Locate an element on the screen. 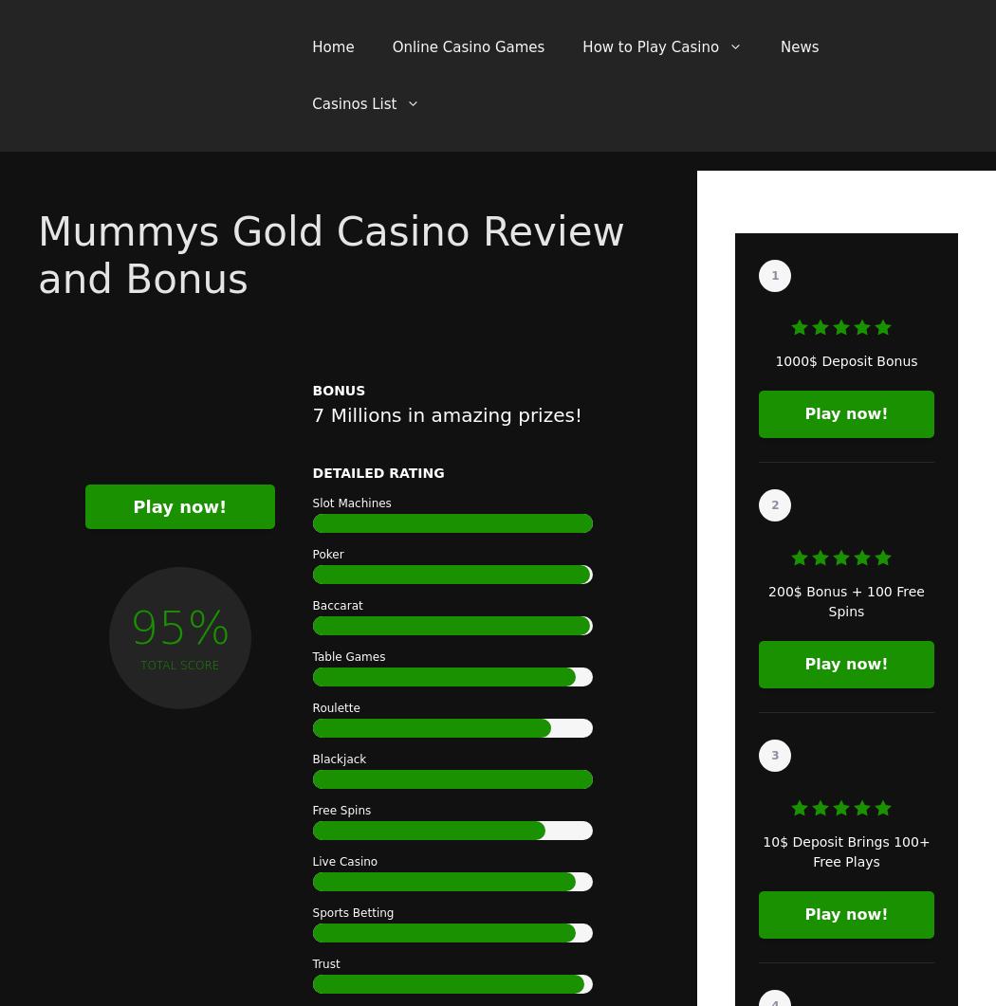  'How to Play Casino' is located at coordinates (650, 46).